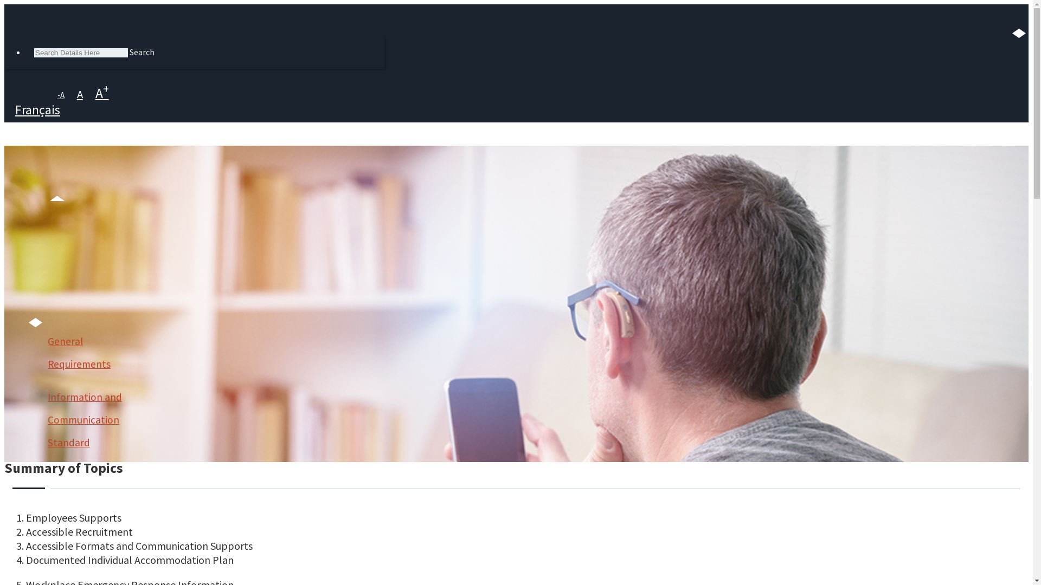 The height and width of the screenshot is (585, 1041). Describe the element at coordinates (79, 93) in the screenshot. I see `'A'` at that location.